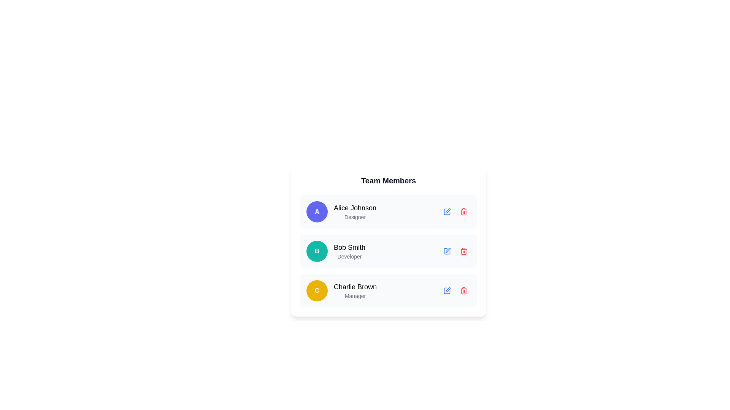 This screenshot has height=410, width=730. I want to click on the circular badge with a teal background and the letter 'B' centered within it, located to the left of 'Bob Smith' and 'Developer', so click(317, 251).